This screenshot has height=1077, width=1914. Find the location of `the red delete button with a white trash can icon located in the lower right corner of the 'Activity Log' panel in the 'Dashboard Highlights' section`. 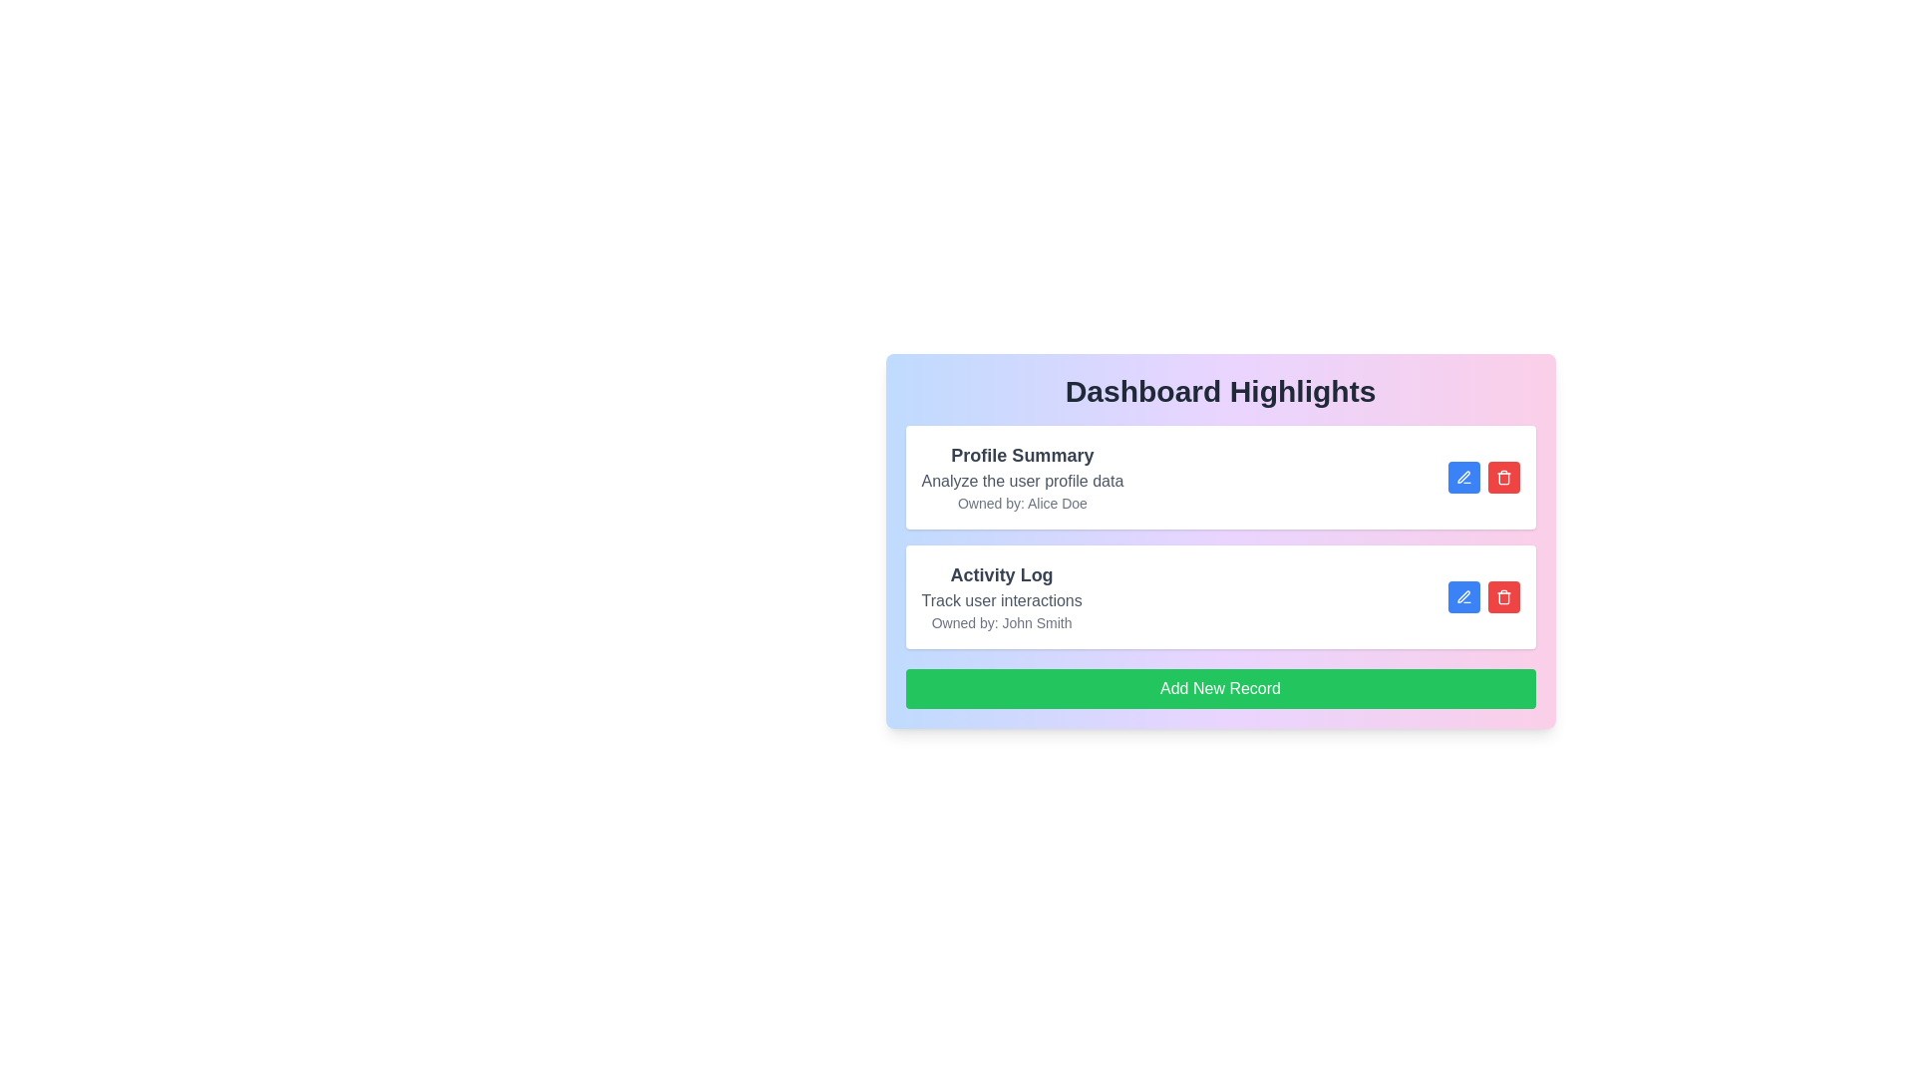

the red delete button with a white trash can icon located in the lower right corner of the 'Activity Log' panel in the 'Dashboard Highlights' section is located at coordinates (1503, 595).